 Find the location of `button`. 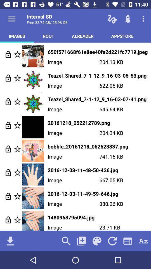

button is located at coordinates (17, 78).